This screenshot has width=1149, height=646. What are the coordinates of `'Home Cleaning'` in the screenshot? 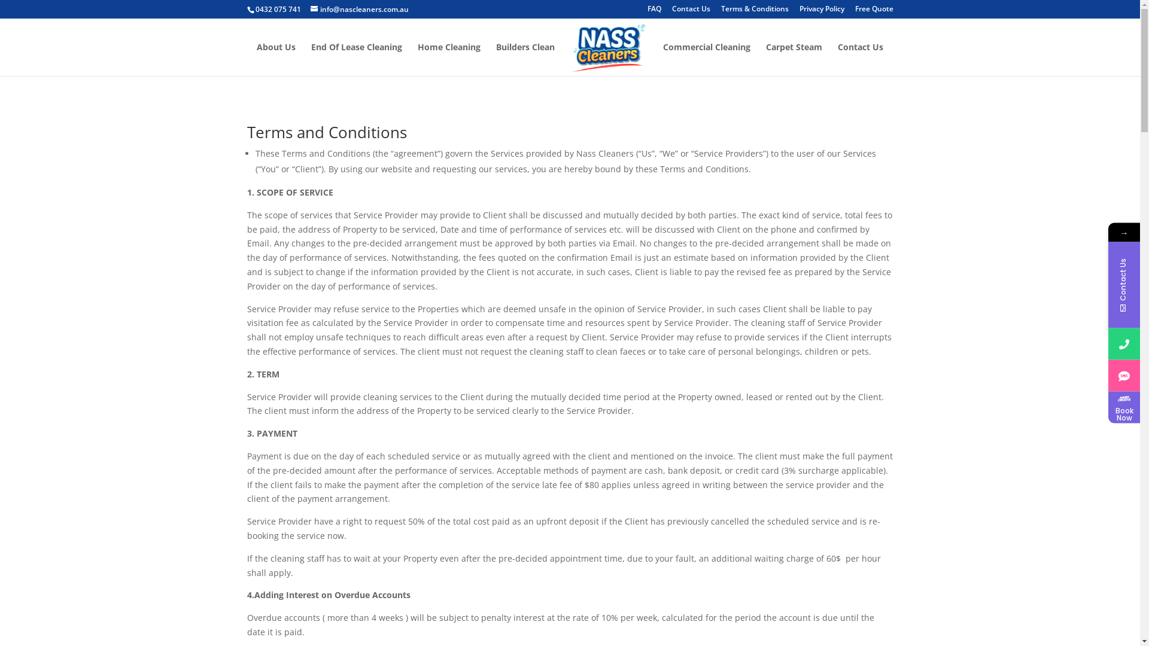 It's located at (417, 59).